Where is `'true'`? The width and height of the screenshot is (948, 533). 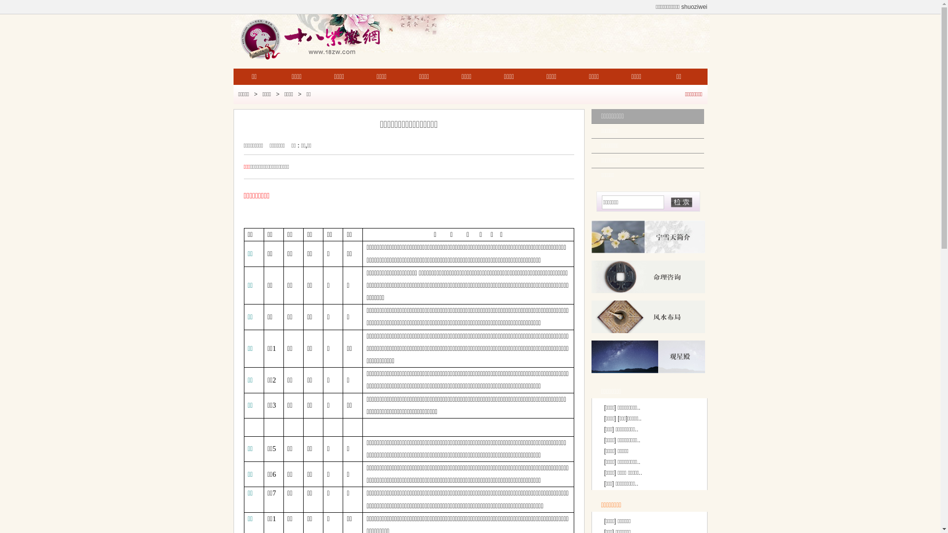 'true' is located at coordinates (681, 201).